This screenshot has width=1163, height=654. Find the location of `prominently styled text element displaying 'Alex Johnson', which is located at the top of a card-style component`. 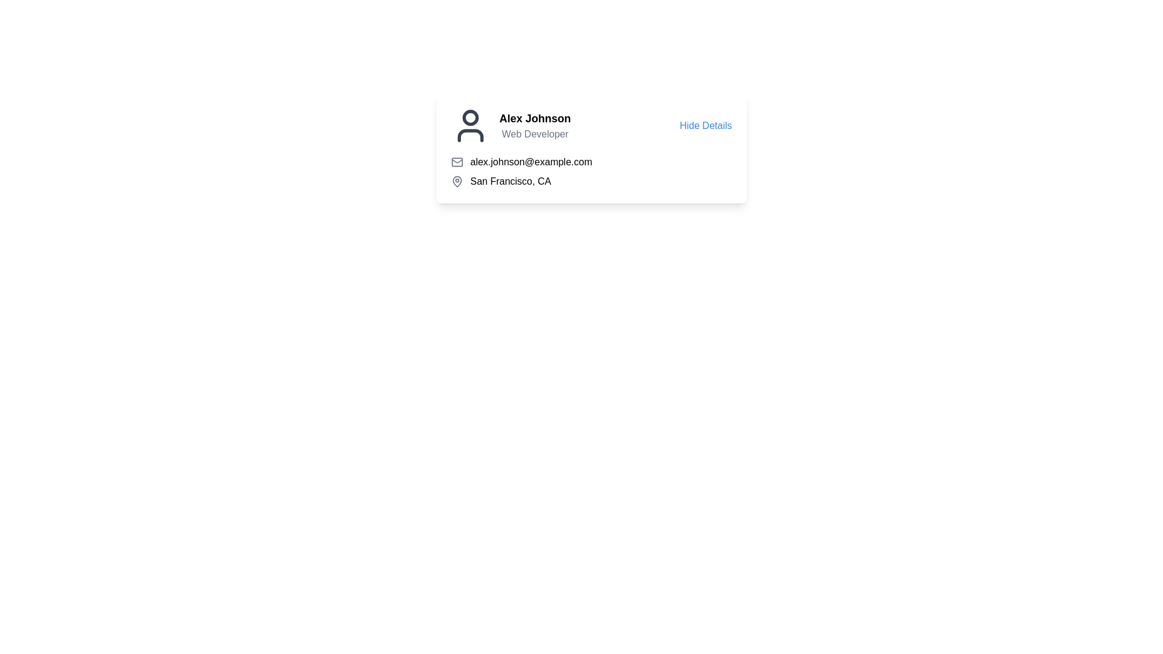

prominently styled text element displaying 'Alex Johnson', which is located at the top of a card-style component is located at coordinates (534, 119).